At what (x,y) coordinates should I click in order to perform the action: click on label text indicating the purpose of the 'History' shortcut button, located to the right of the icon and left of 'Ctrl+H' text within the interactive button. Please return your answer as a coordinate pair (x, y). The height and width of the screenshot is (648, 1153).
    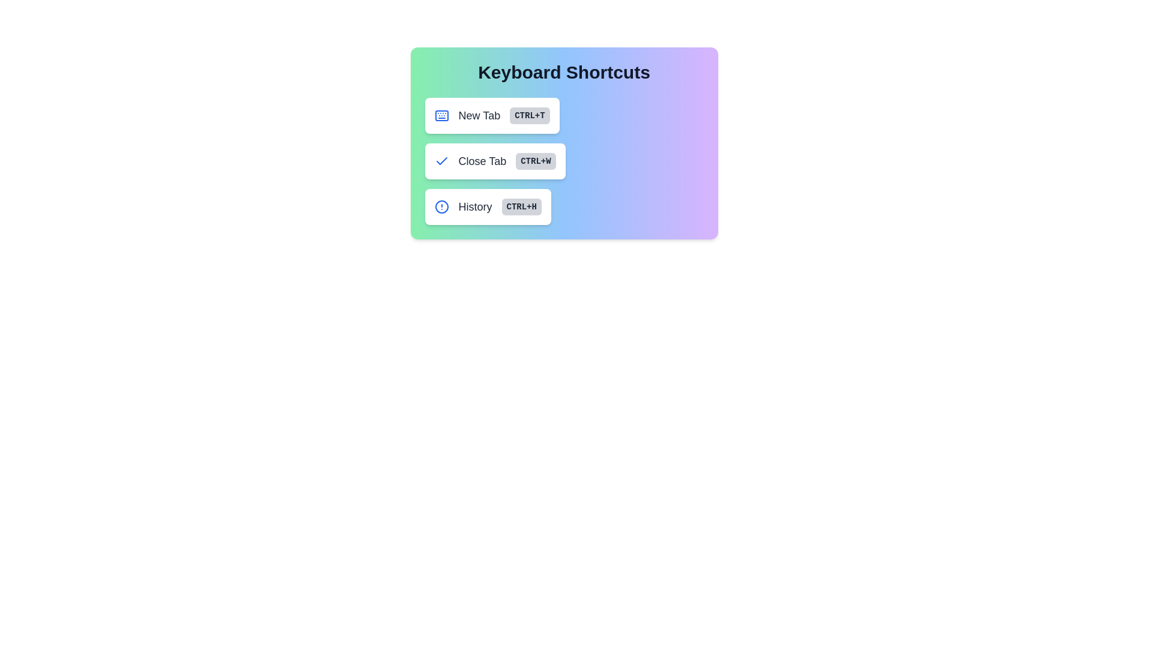
    Looking at the image, I should click on (474, 206).